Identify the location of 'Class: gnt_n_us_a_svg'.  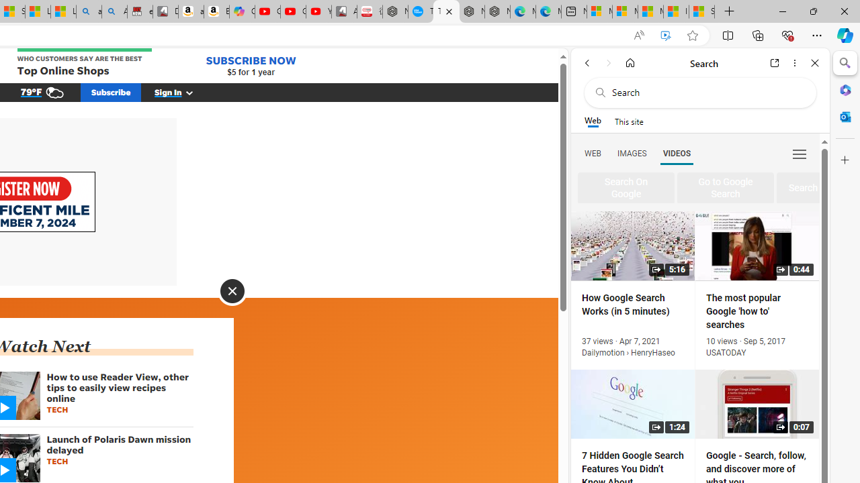
(186, 91).